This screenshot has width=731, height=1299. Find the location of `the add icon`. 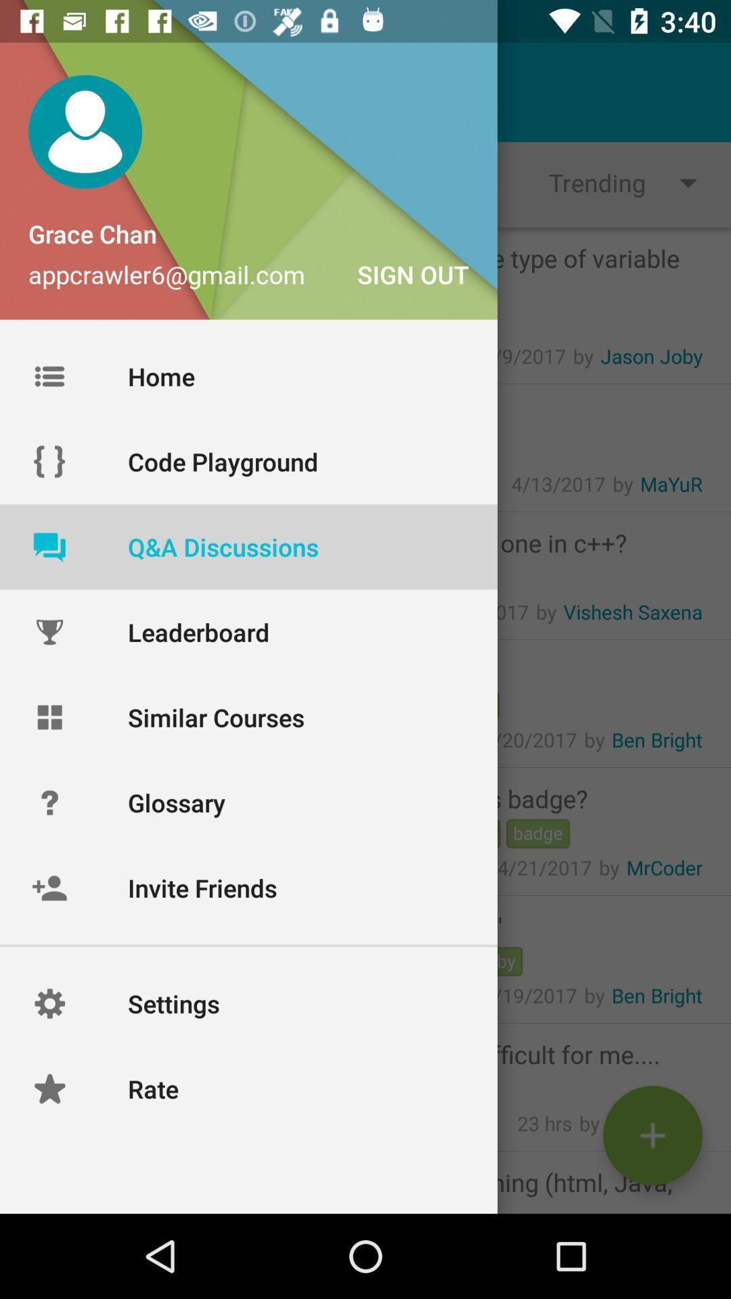

the add icon is located at coordinates (652, 1135).